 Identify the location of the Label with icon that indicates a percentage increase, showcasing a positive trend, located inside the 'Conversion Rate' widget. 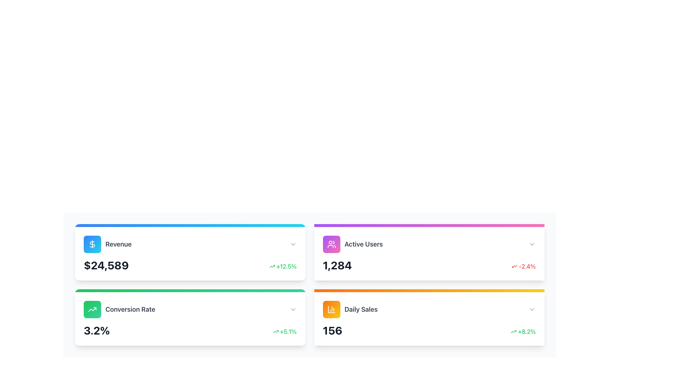
(284, 331).